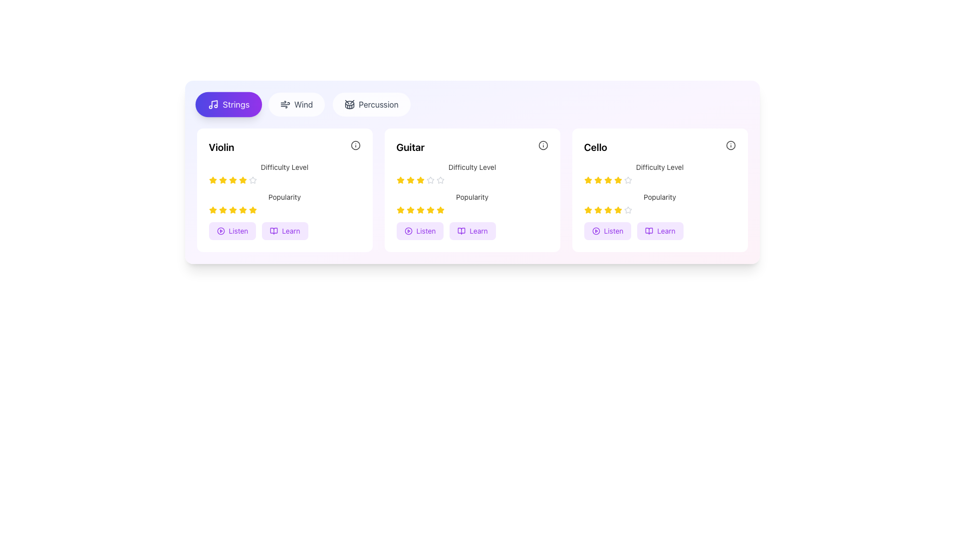 The width and height of the screenshot is (958, 538). I want to click on the educational button related to 'Violin' located near the bottom of the 'Violin' section to trigger any potential hover effects, so click(284, 231).